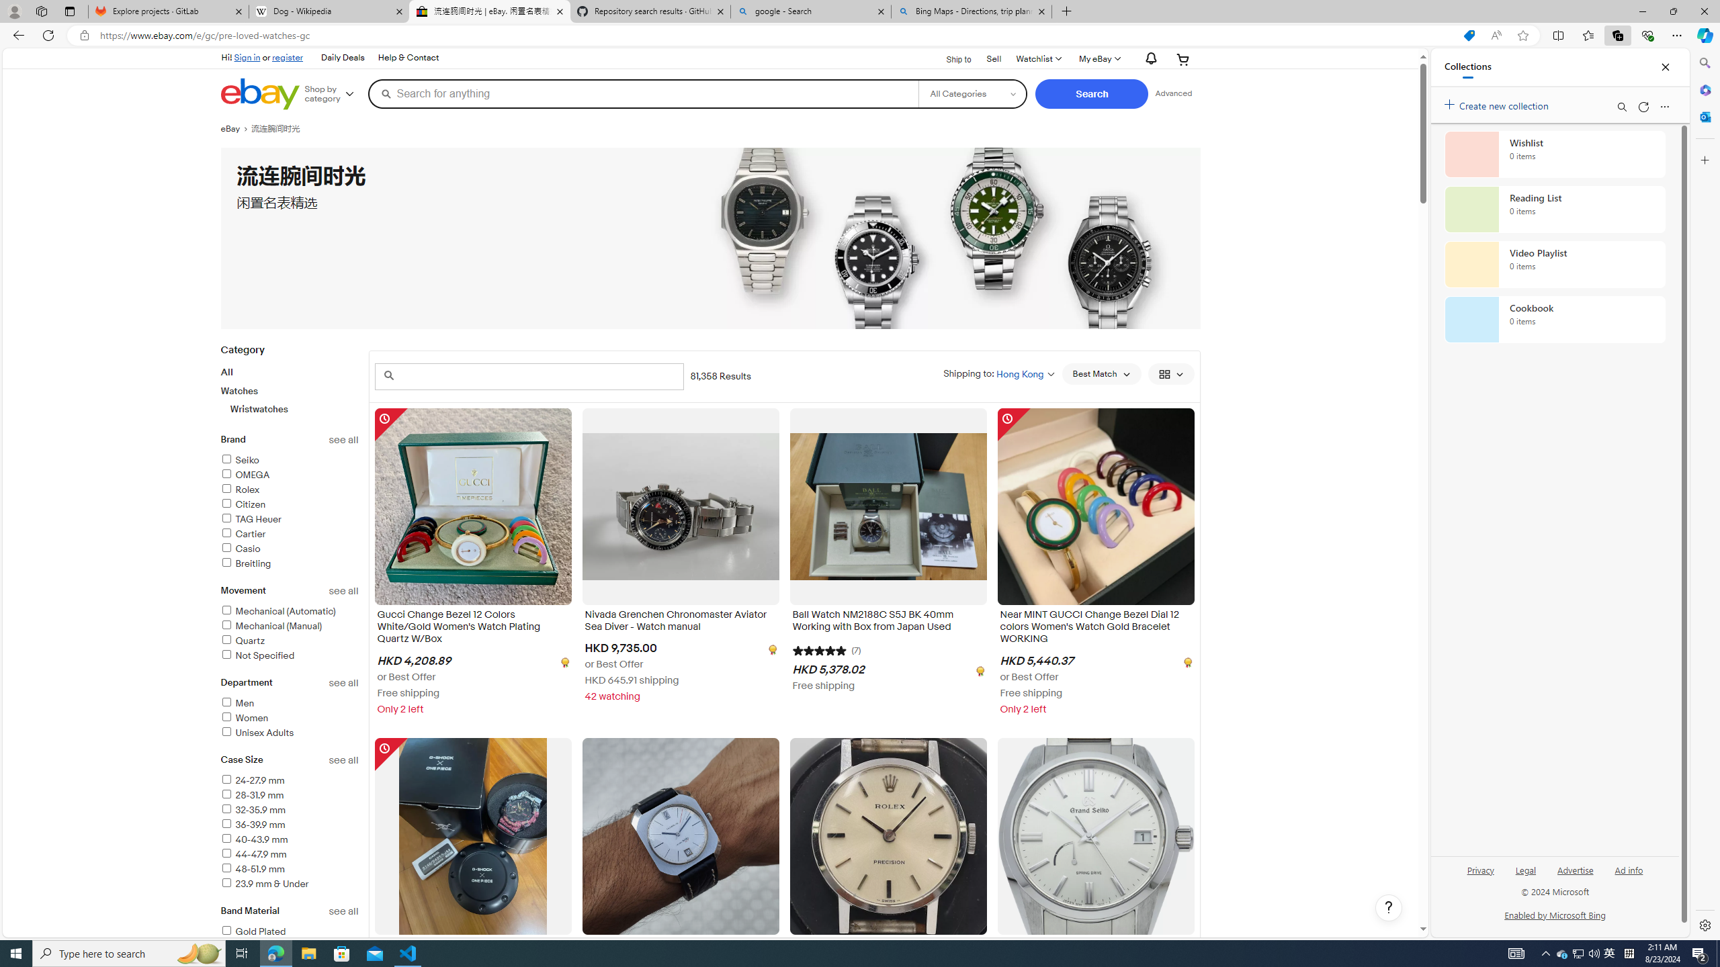  I want to click on 'Ship to', so click(950, 58).